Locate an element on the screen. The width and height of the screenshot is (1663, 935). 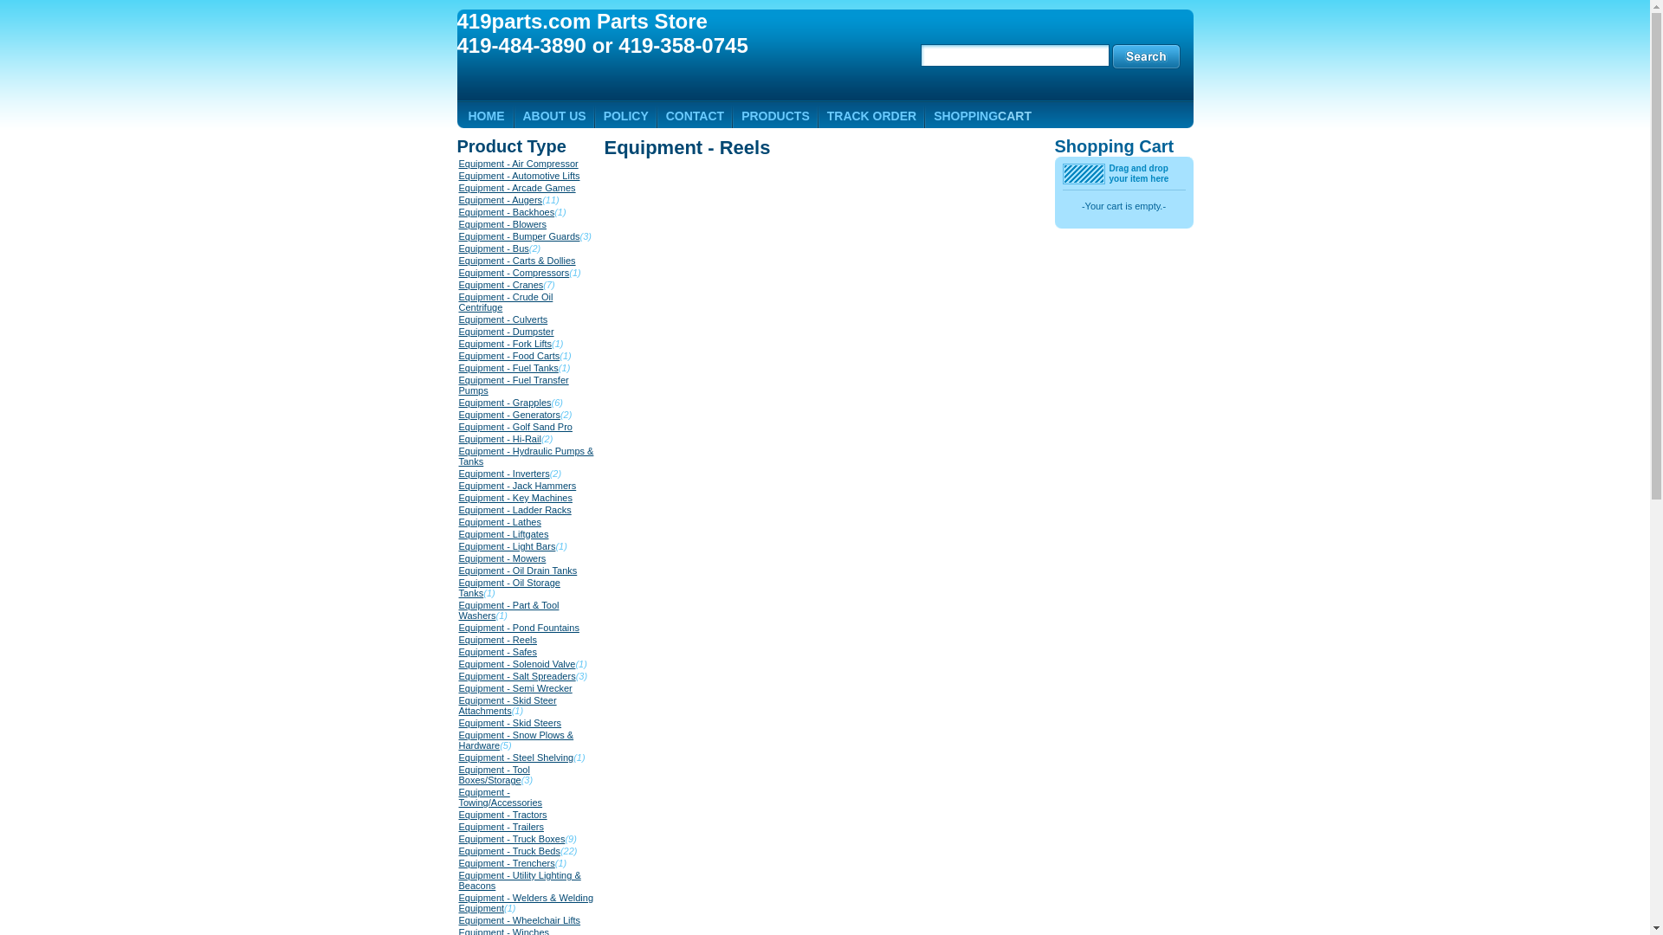
'CONTACT' is located at coordinates (695, 116).